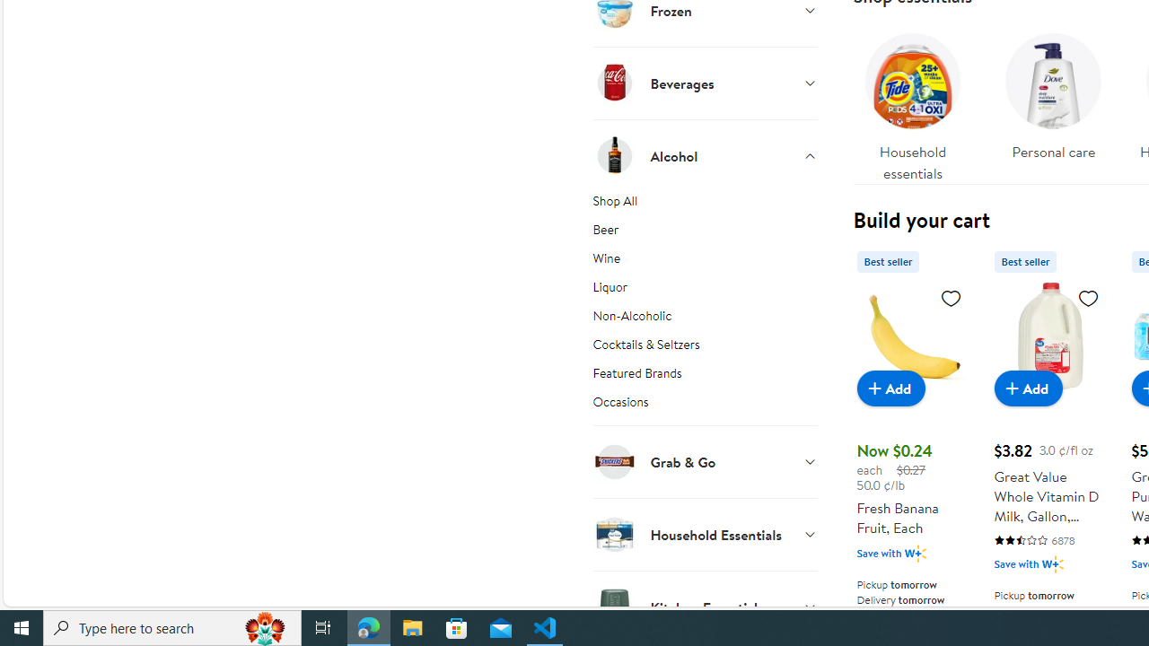 The height and width of the screenshot is (646, 1149). I want to click on 'Grab & Go', so click(704, 460).